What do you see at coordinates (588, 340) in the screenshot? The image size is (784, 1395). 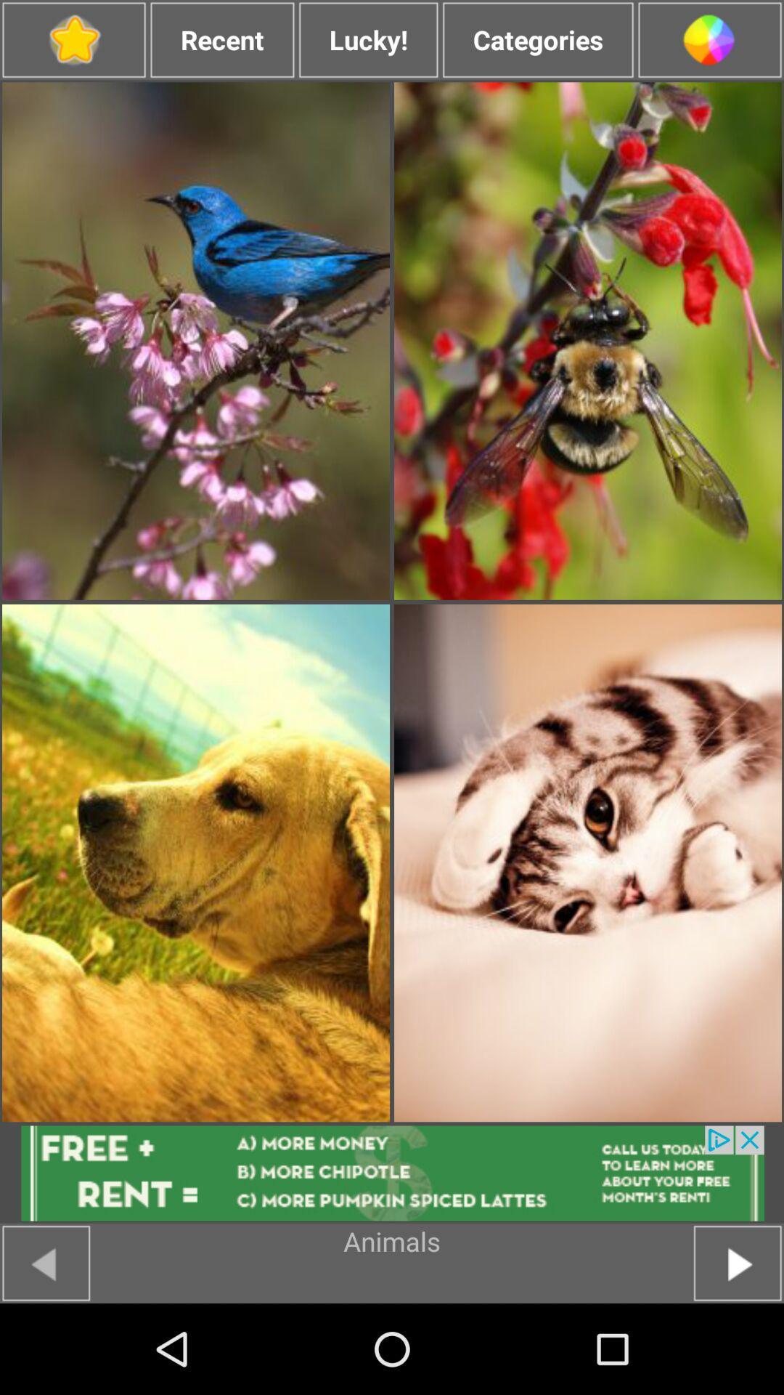 I see `picture` at bounding box center [588, 340].